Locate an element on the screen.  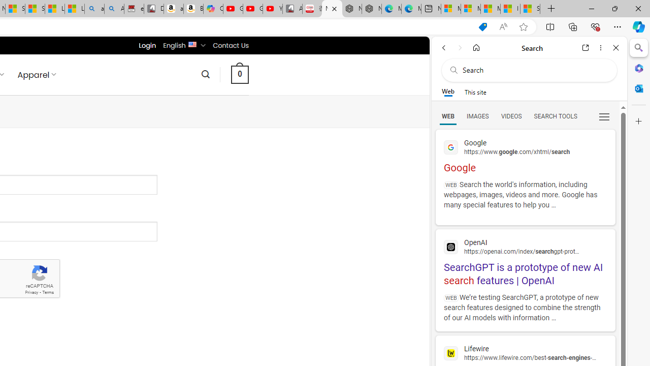
'Search Filter, VIDEOS' is located at coordinates (511, 115).